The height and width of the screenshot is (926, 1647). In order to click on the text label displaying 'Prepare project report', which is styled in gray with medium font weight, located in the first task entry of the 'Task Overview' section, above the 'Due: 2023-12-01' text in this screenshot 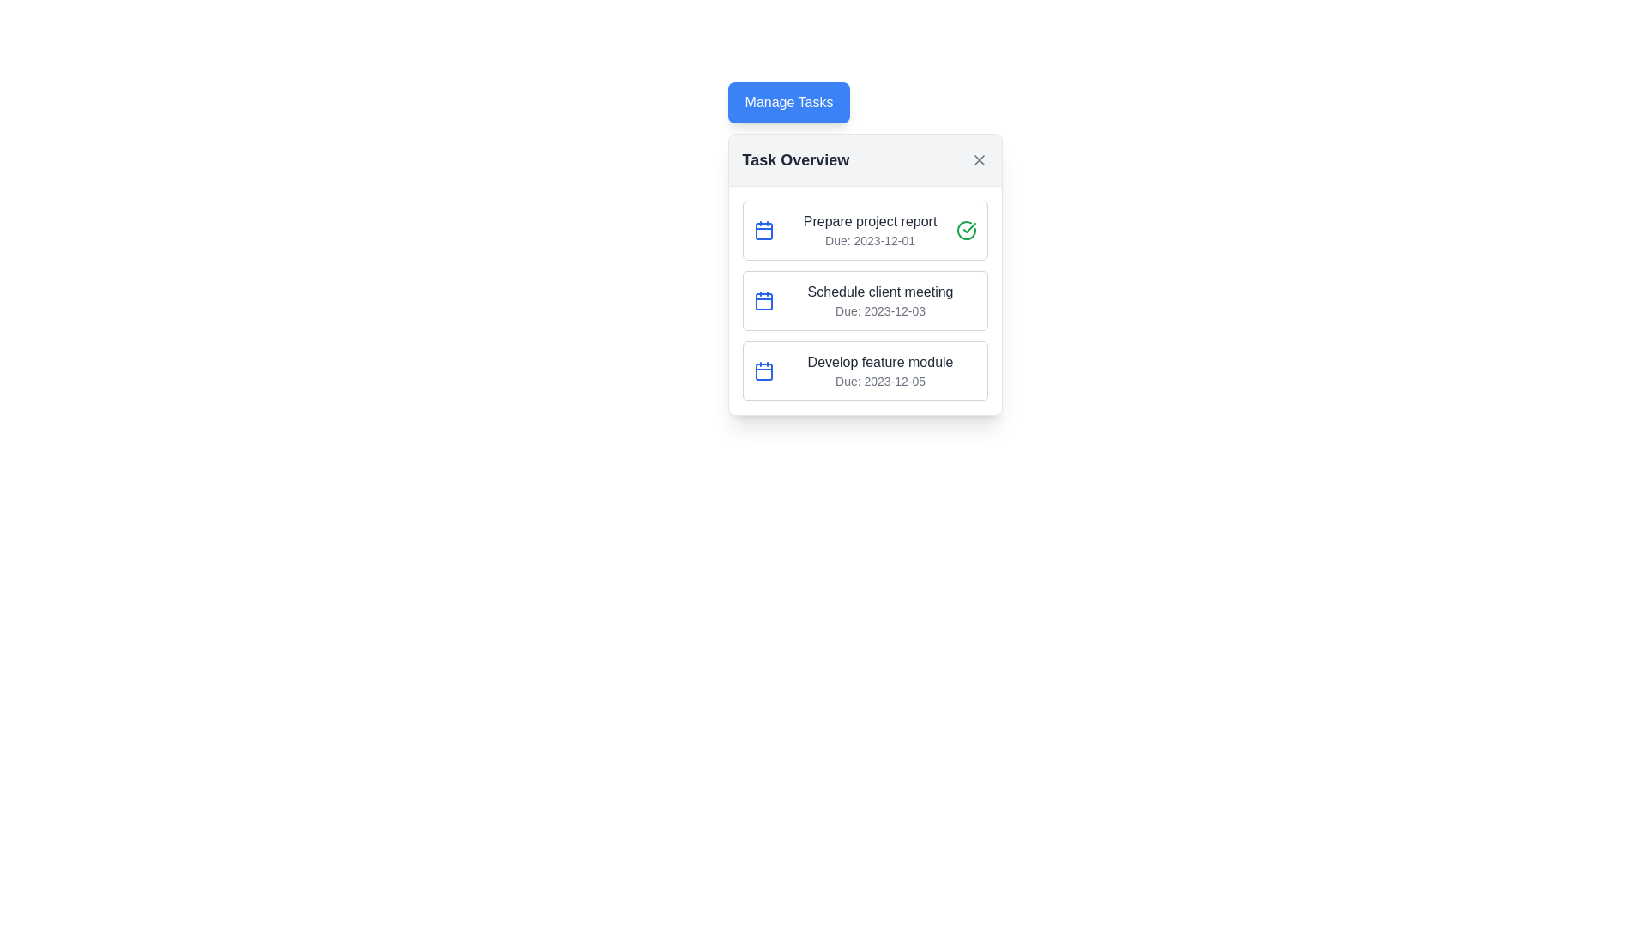, I will do `click(870, 220)`.